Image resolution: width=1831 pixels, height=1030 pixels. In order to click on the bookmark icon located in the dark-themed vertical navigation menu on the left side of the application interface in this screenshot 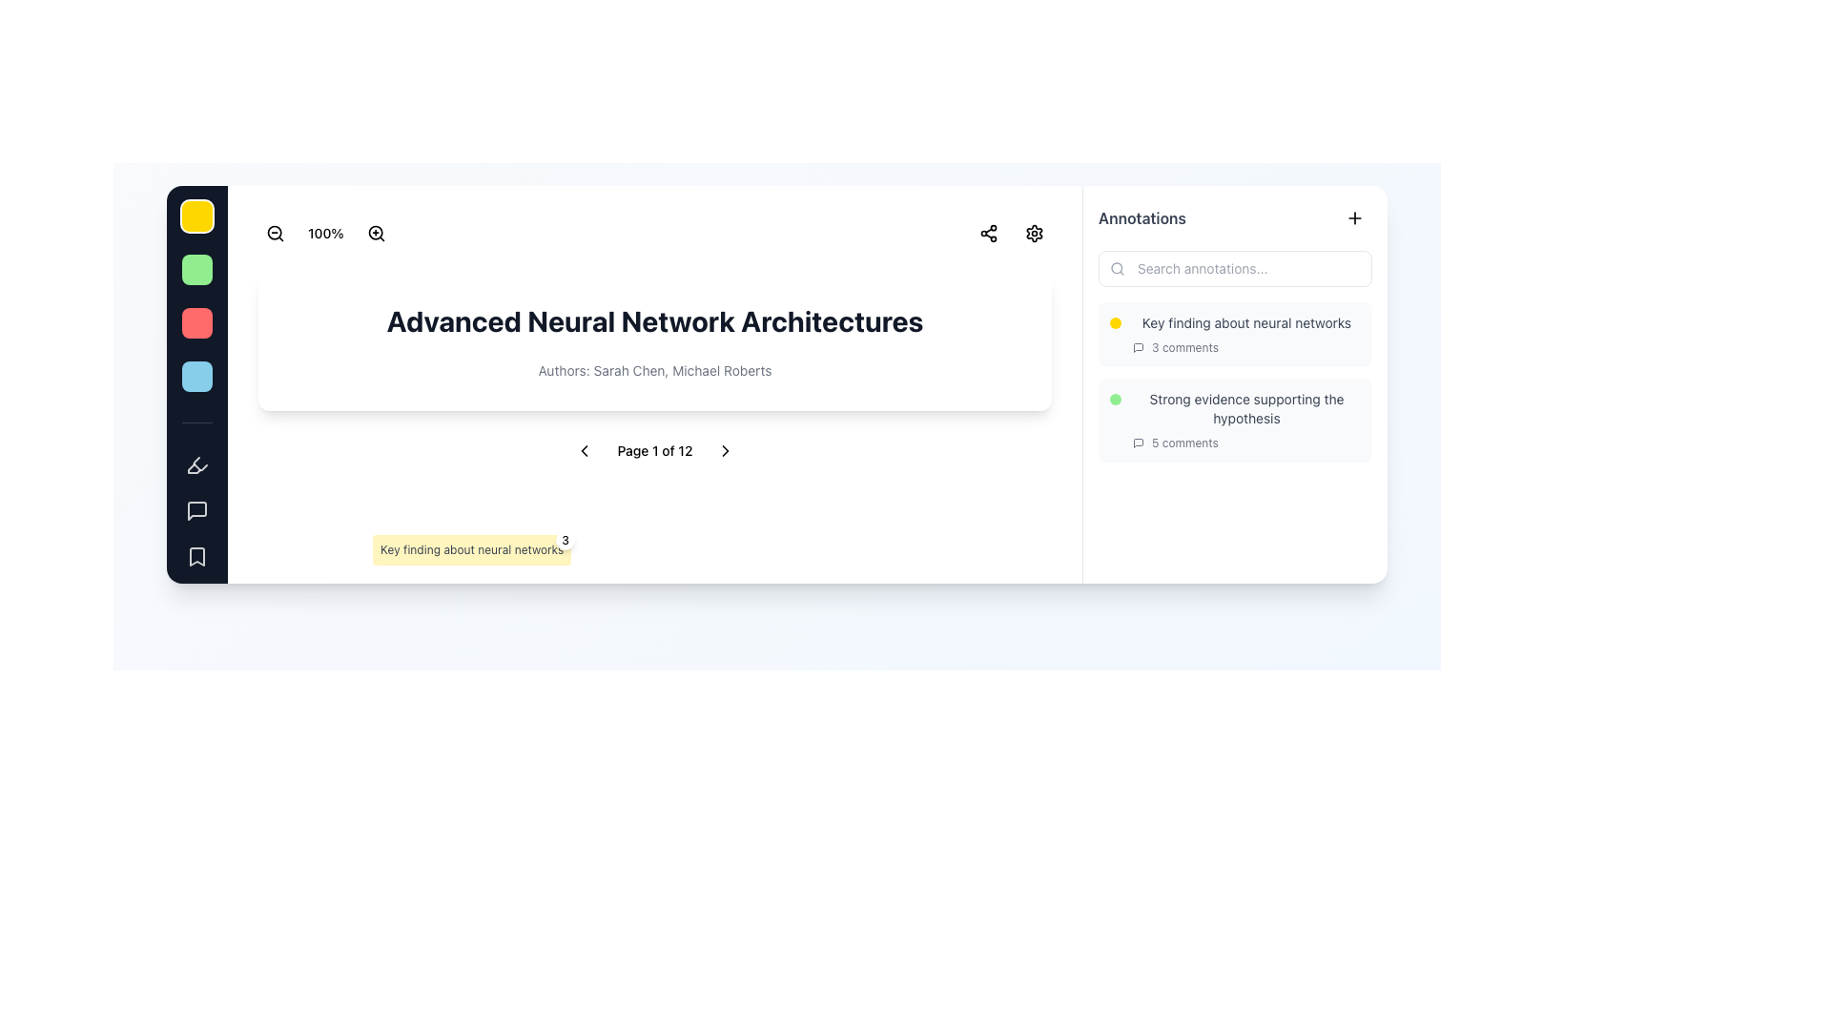, I will do `click(196, 556)`.